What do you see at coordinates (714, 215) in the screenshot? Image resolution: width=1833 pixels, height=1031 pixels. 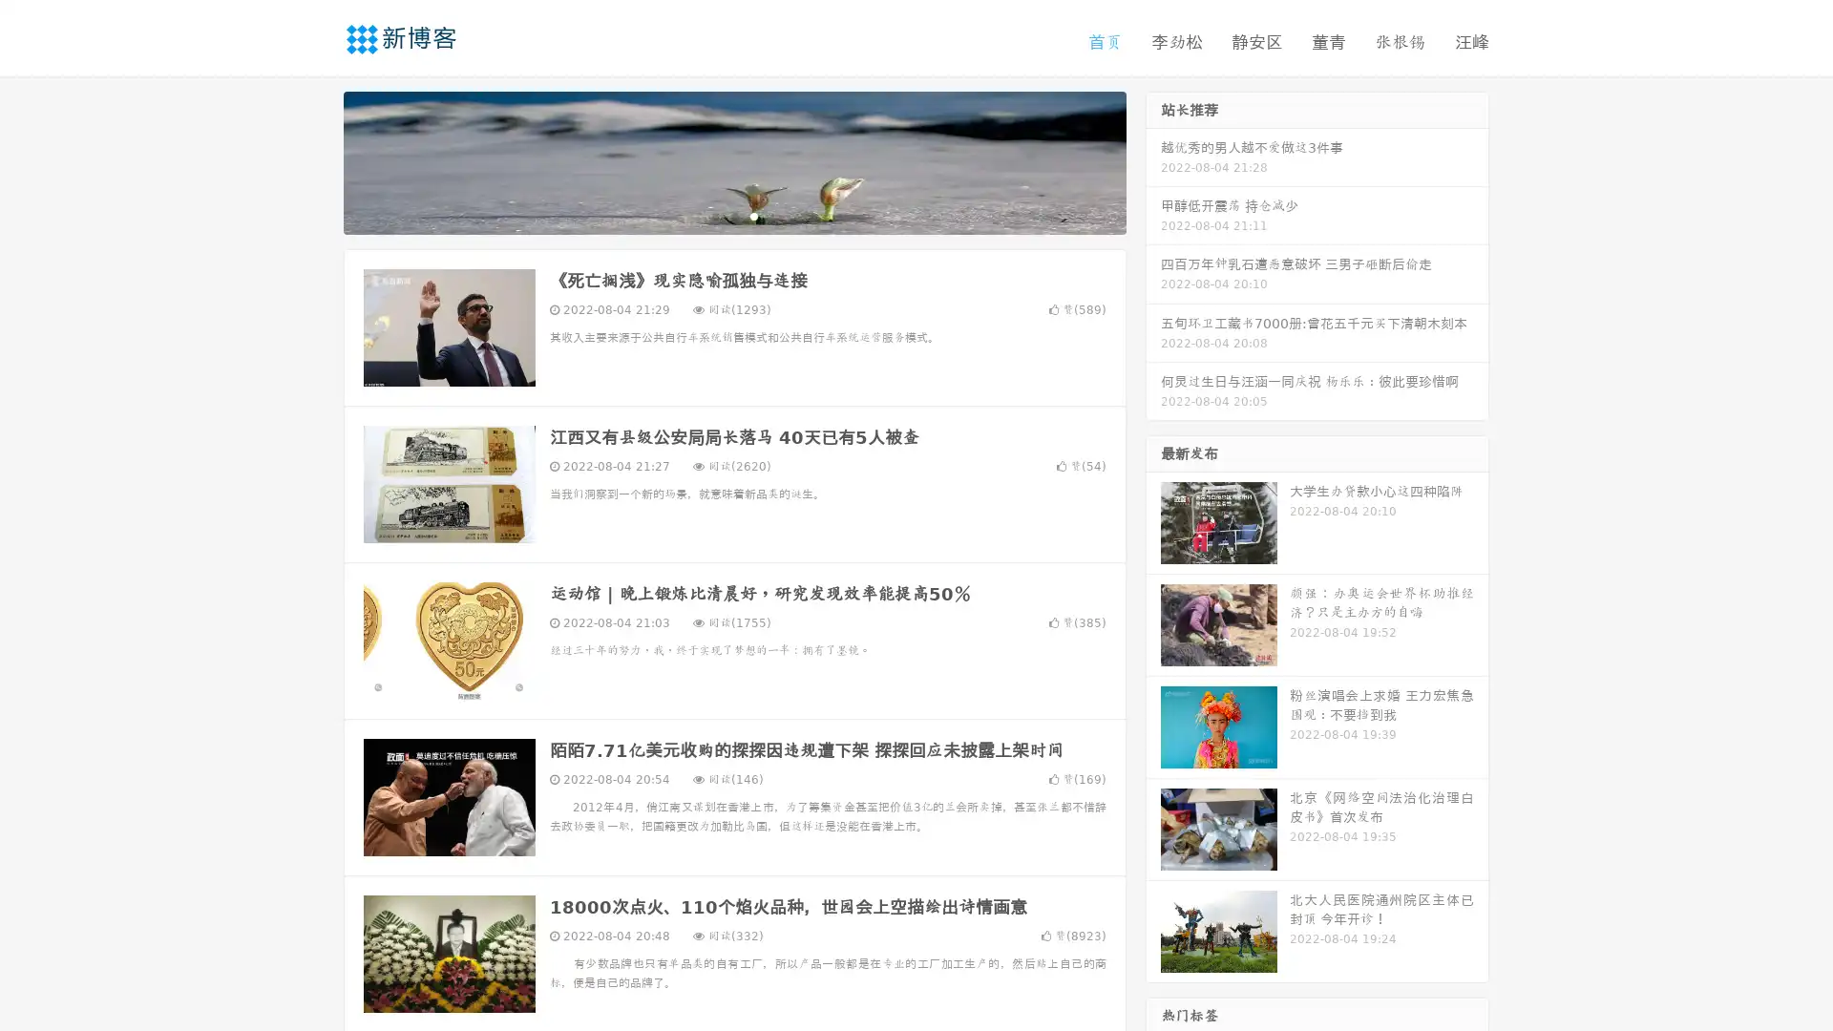 I see `Go to slide 1` at bounding box center [714, 215].